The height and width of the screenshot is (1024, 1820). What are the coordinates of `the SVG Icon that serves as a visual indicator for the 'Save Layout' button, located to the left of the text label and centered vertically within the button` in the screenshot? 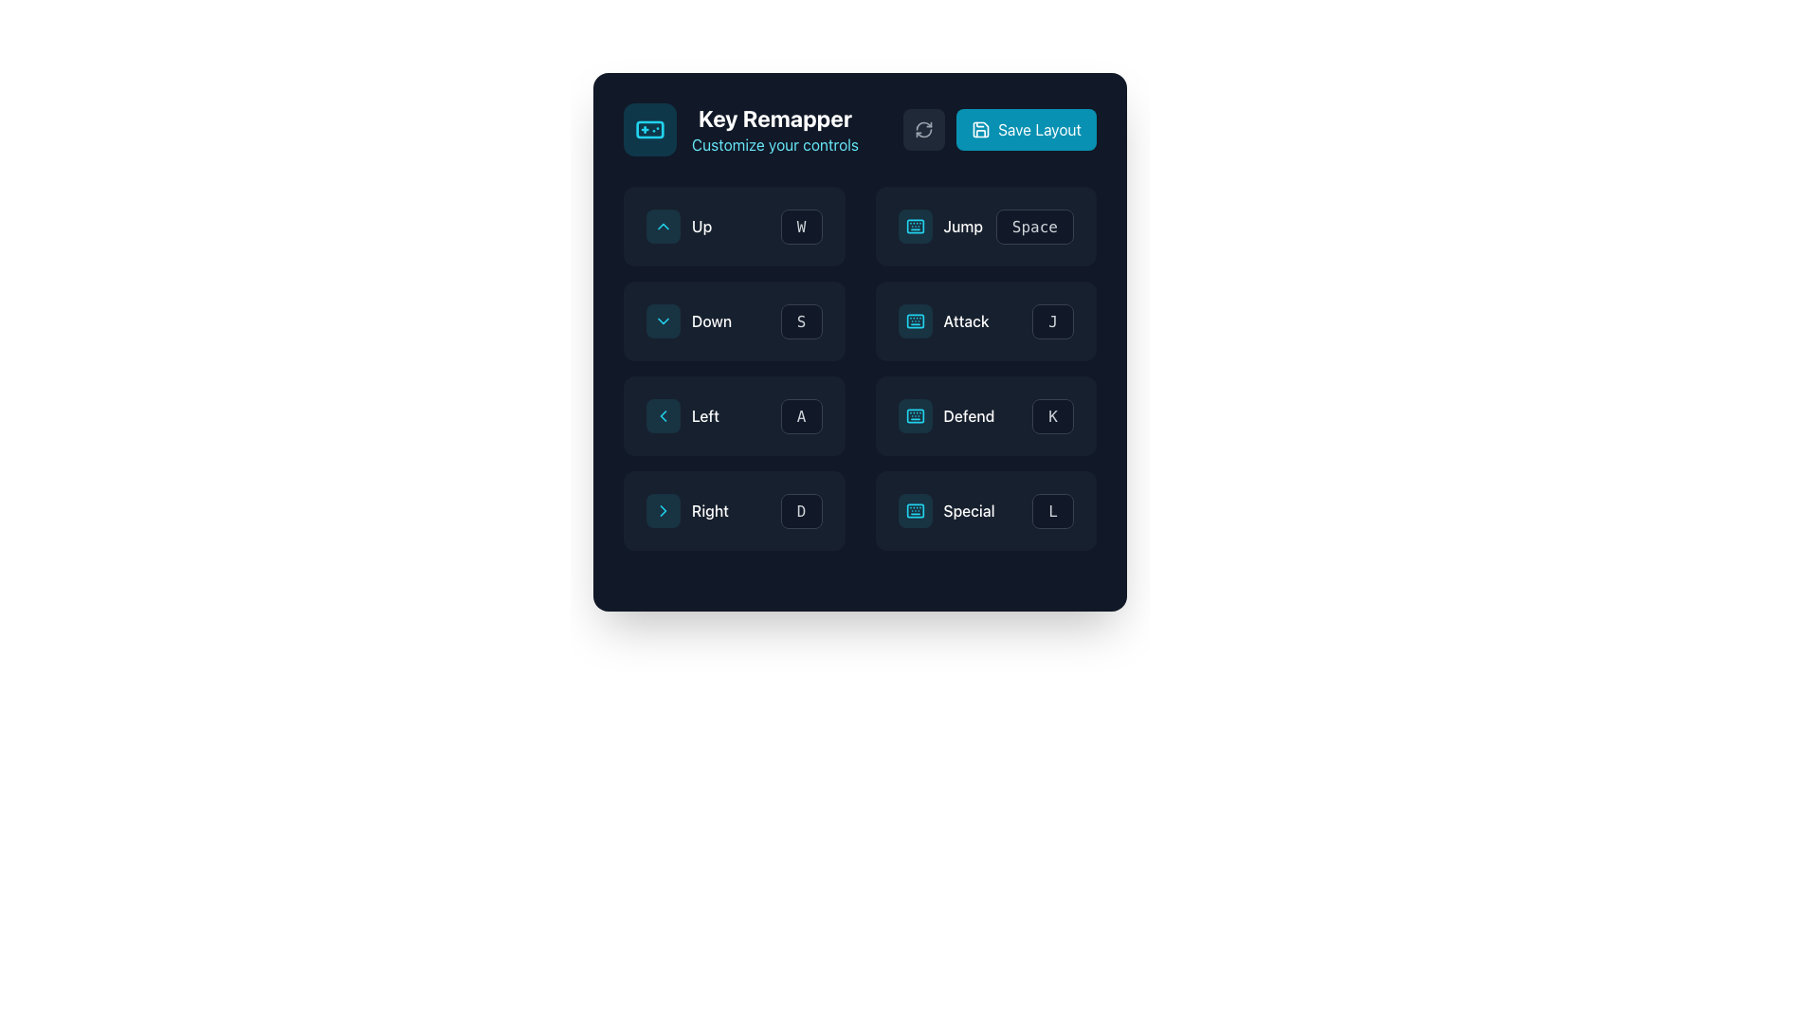 It's located at (981, 129).